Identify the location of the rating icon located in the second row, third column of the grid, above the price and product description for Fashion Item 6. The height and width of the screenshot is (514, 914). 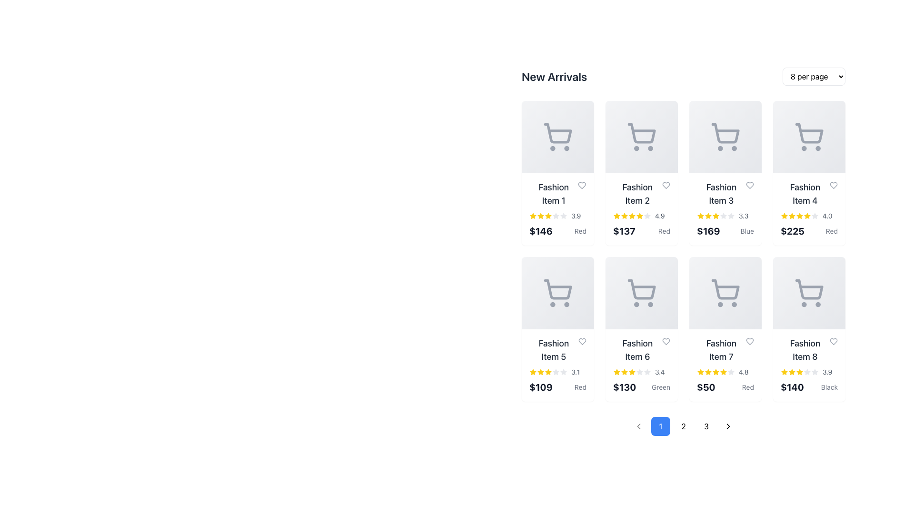
(617, 371).